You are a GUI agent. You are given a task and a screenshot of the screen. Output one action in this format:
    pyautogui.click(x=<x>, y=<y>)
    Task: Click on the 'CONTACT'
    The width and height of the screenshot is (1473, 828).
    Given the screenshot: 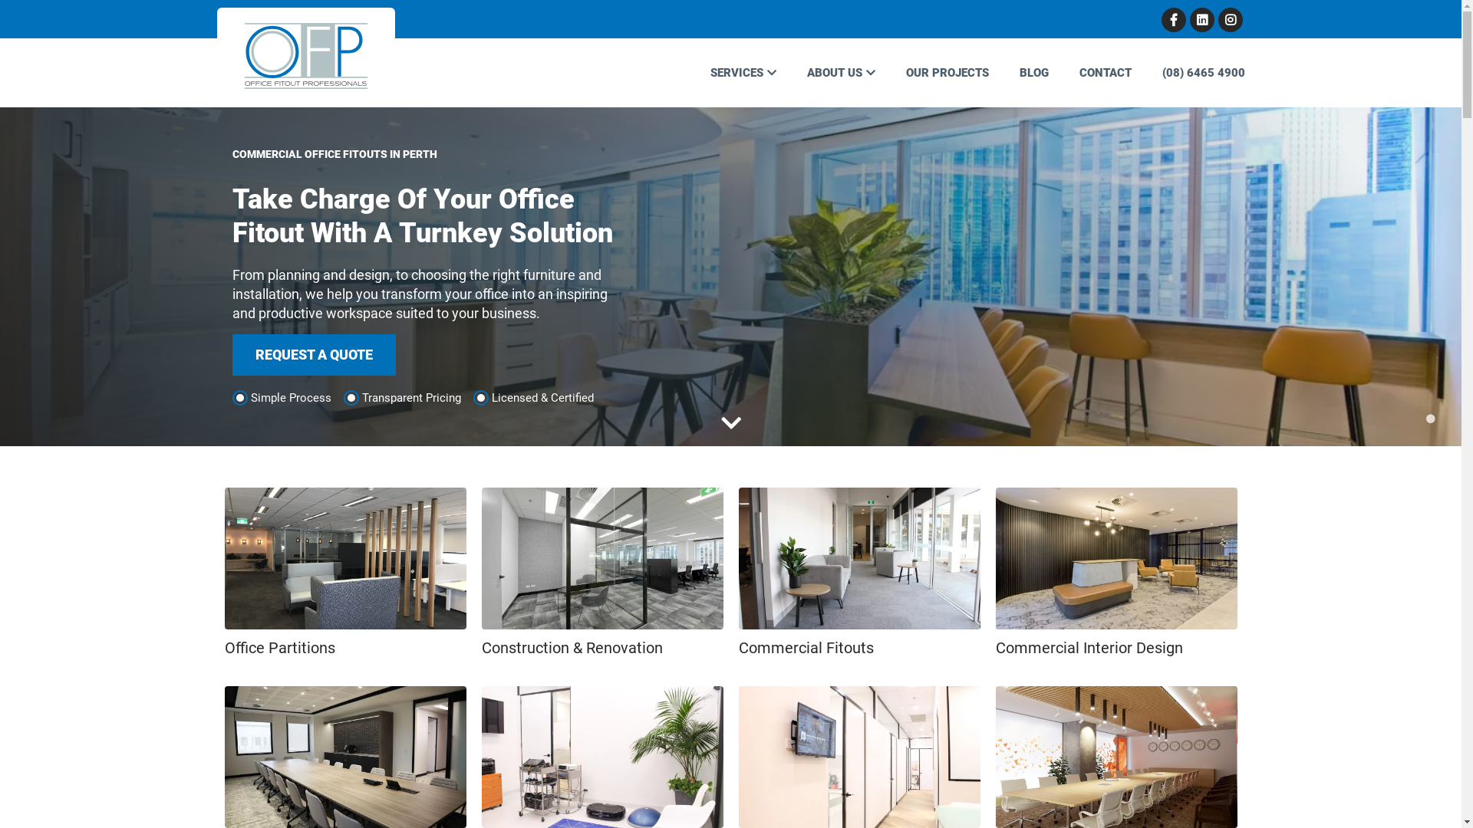 What is the action you would take?
    pyautogui.click(x=1063, y=73)
    